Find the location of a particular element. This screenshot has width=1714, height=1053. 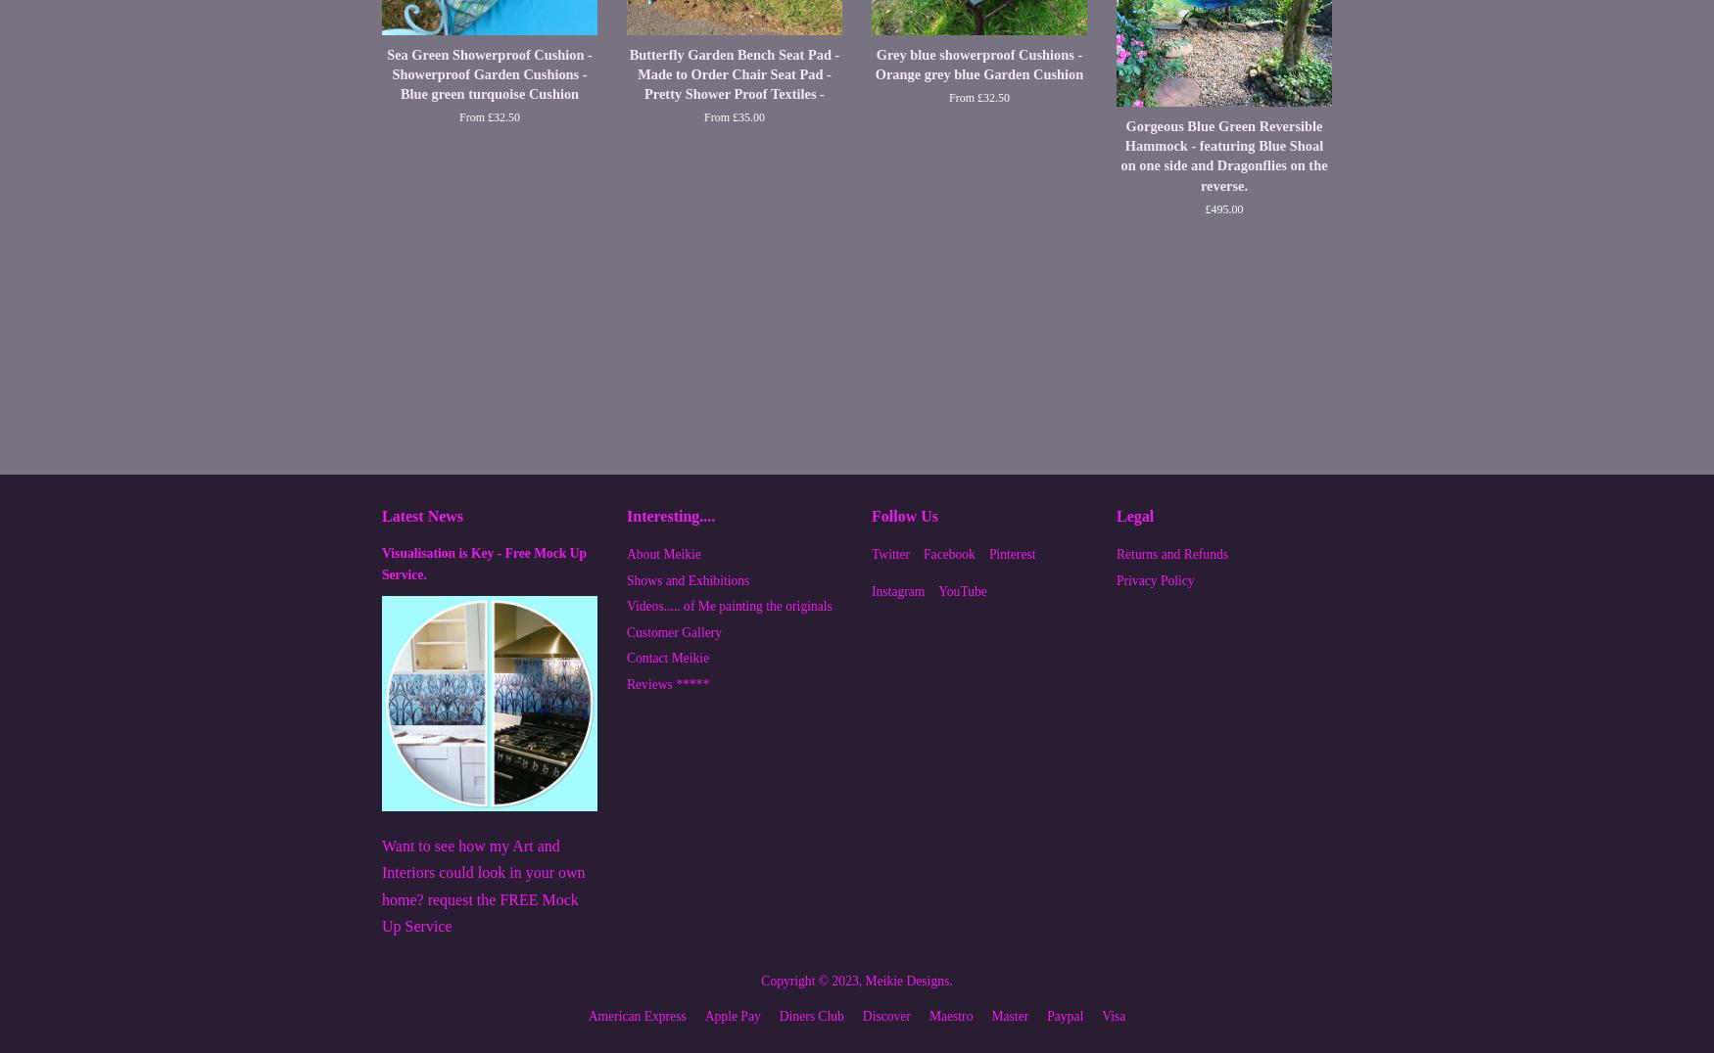

'master' is located at coordinates (1008, 1016).